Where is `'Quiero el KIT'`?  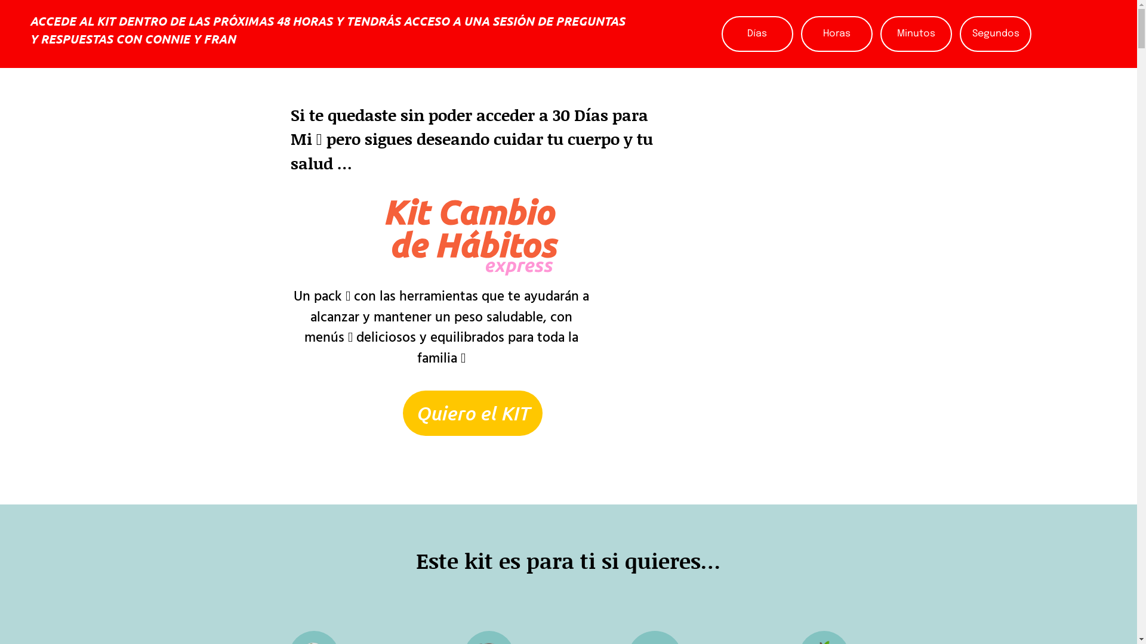
'Quiero el KIT' is located at coordinates (472, 413).